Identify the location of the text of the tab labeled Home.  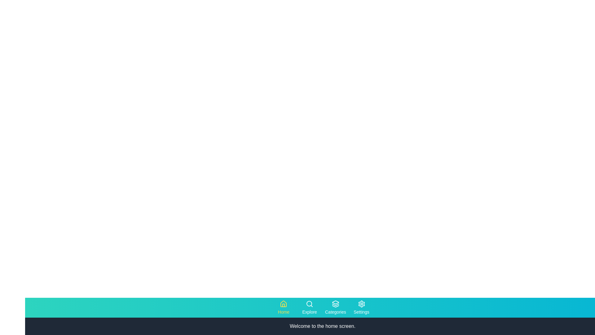
(283, 307).